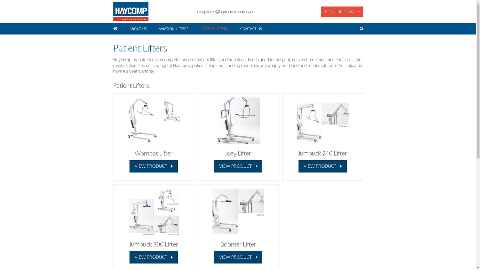 The height and width of the screenshot is (270, 480). What do you see at coordinates (224, 11) in the screenshot?
I see `'enquiries@haycomp.com.au'` at bounding box center [224, 11].